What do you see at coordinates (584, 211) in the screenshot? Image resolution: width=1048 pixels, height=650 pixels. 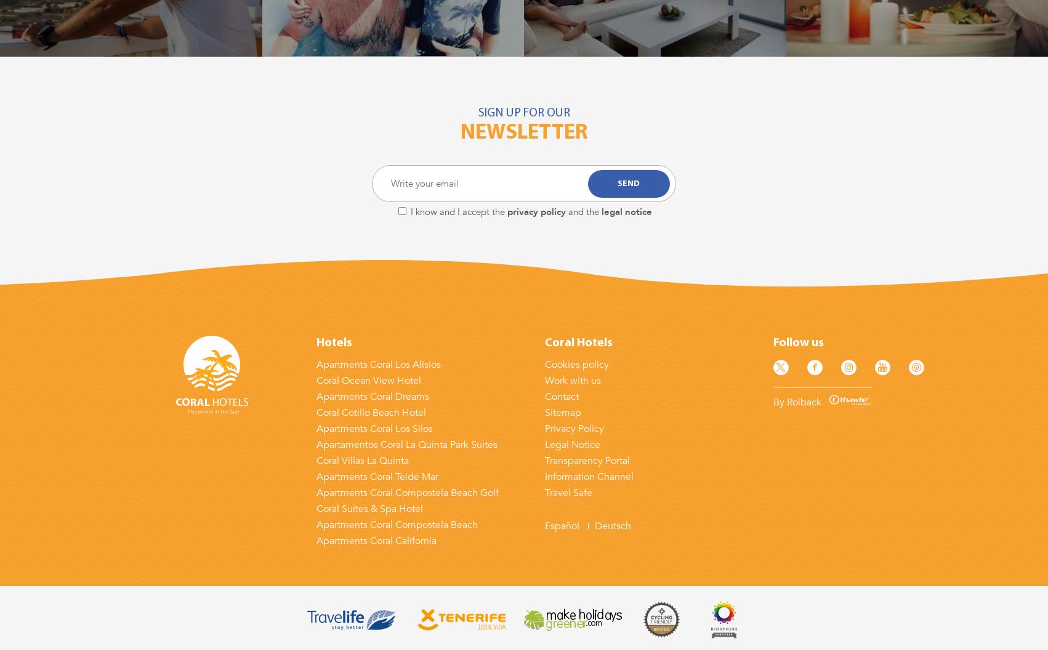 I see `'and the'` at bounding box center [584, 211].